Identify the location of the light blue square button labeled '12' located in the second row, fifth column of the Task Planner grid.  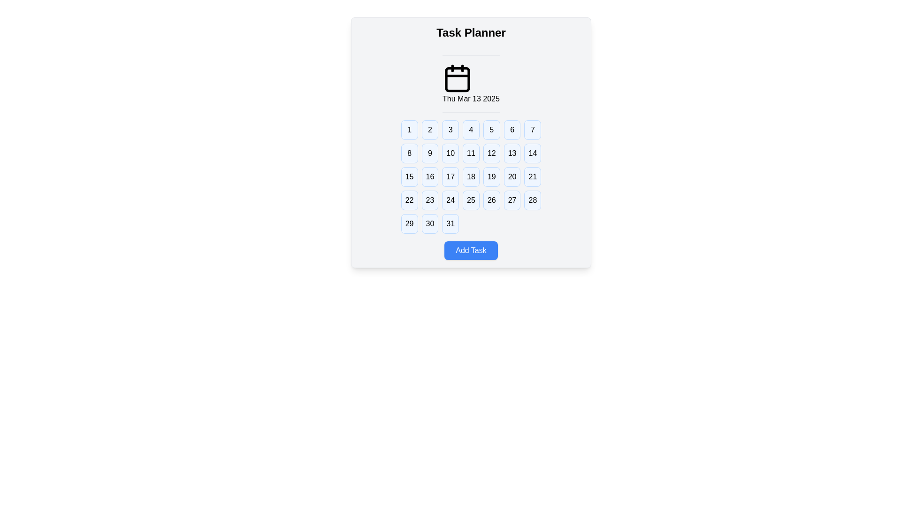
(491, 153).